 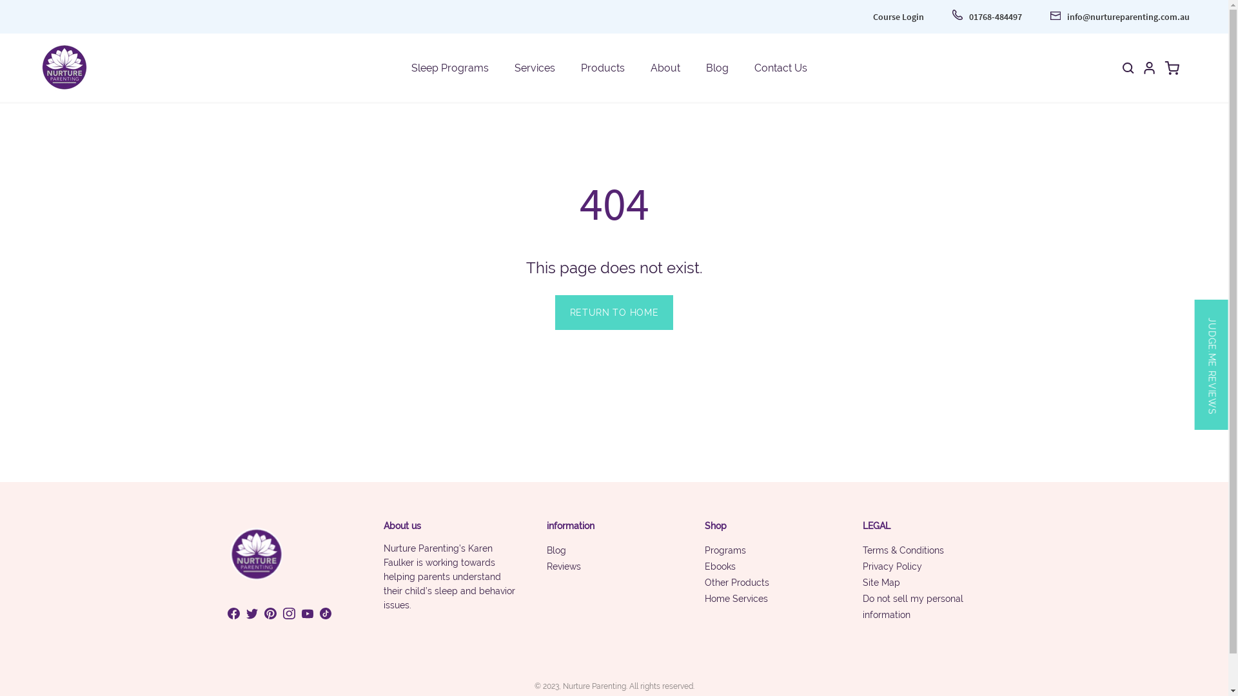 What do you see at coordinates (720, 566) in the screenshot?
I see `'Ebooks'` at bounding box center [720, 566].